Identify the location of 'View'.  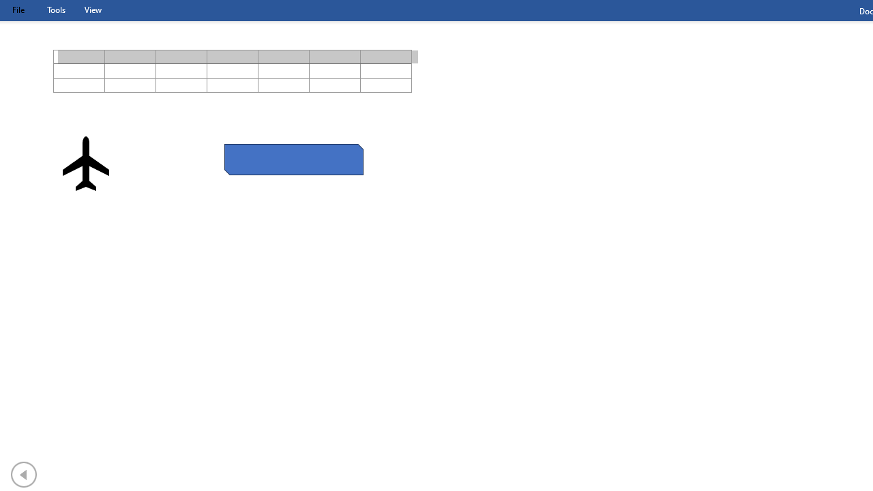
(92, 10).